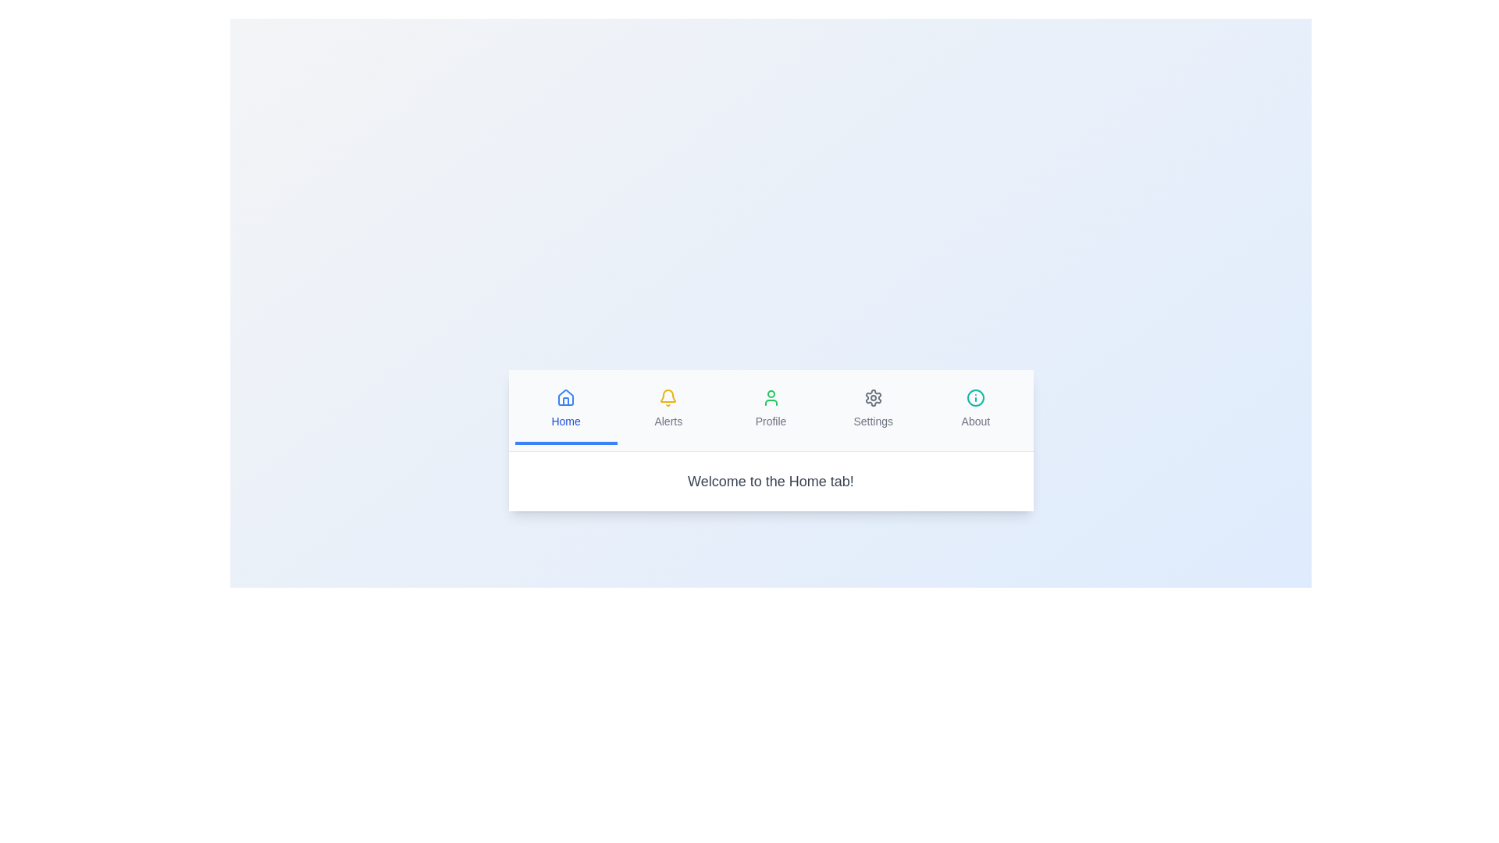 The height and width of the screenshot is (843, 1499). I want to click on the tab button labeled Settings, so click(872, 408).